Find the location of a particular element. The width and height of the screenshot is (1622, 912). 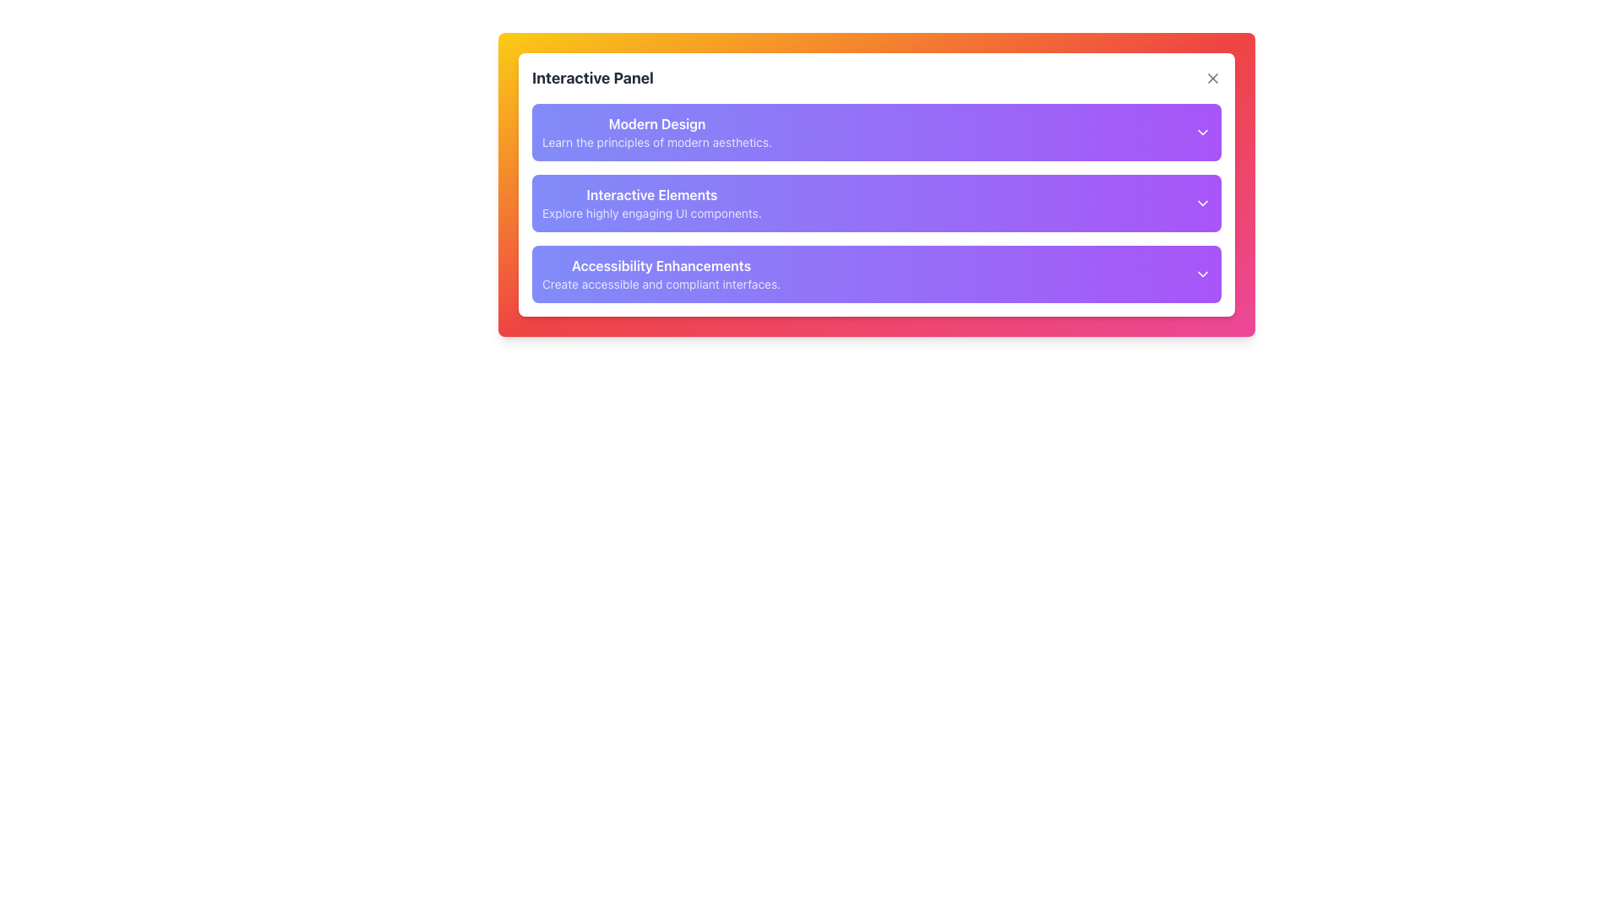

text label displaying 'Accessibility Enhancements' located in the purple rectangular area within the 'Interactive Panel' is located at coordinates (661, 266).